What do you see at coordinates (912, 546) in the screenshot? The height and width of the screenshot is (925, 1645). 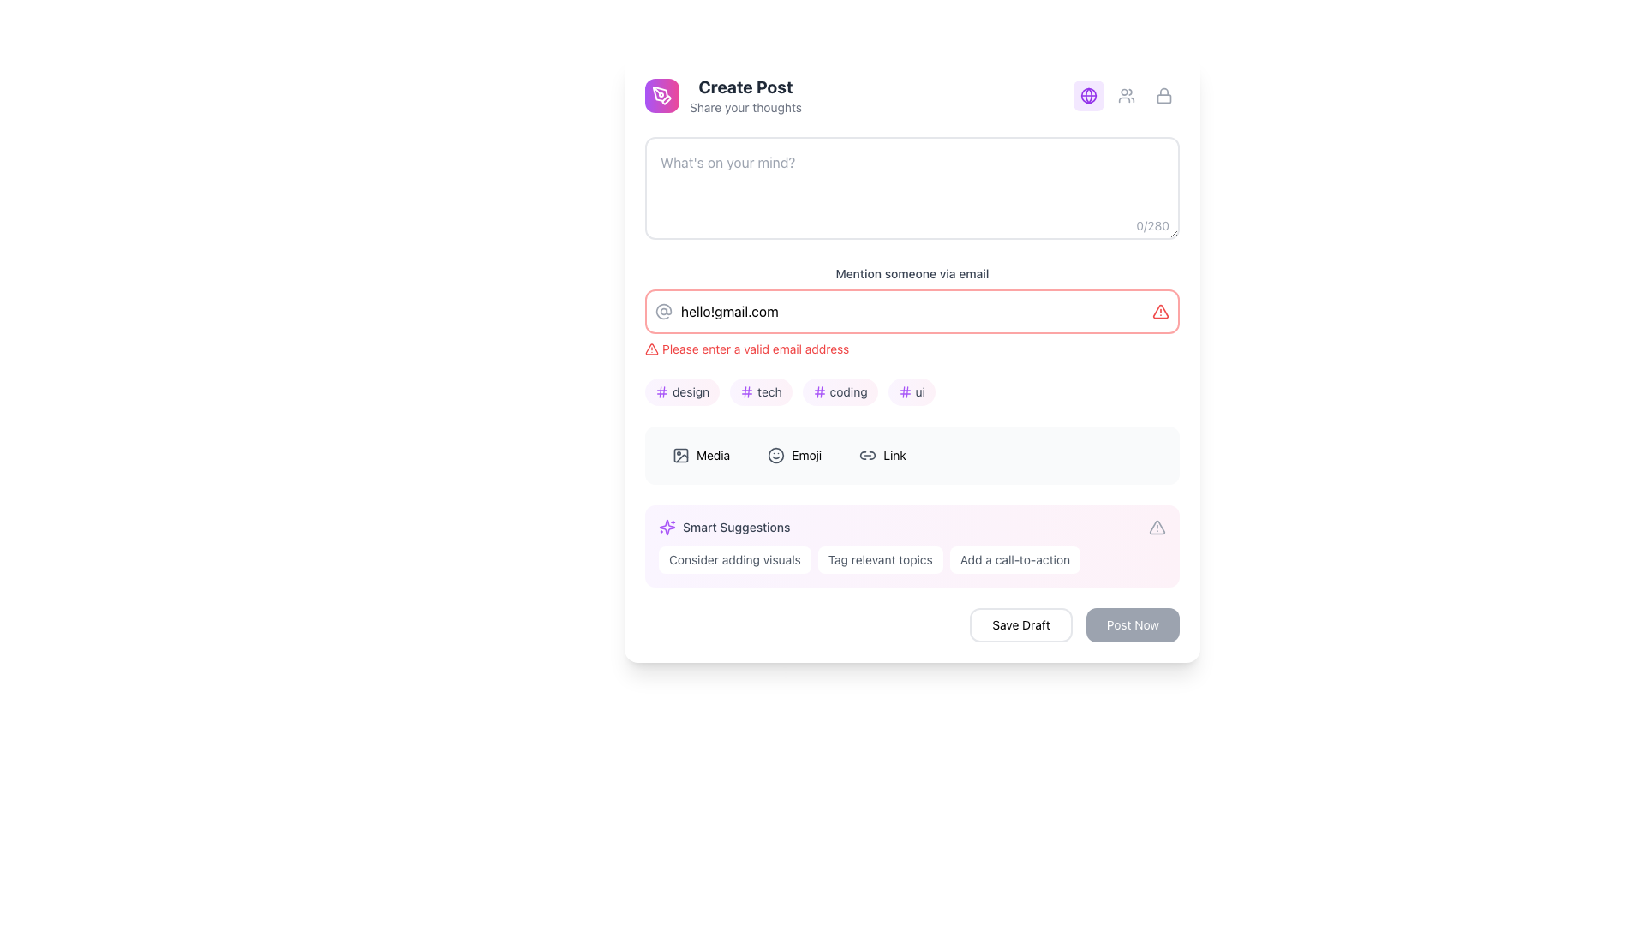 I see `one of the suggestions in the 'Smart Suggestions' section, which includes options like 'Consider adding visuals', 'Tag relevant topics', or 'Add a call-to-action'` at bounding box center [912, 546].